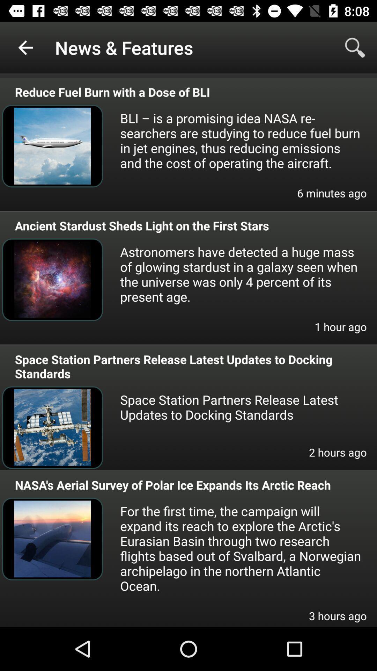 The height and width of the screenshot is (671, 377). What do you see at coordinates (332, 197) in the screenshot?
I see `the item below the bli is a` at bounding box center [332, 197].